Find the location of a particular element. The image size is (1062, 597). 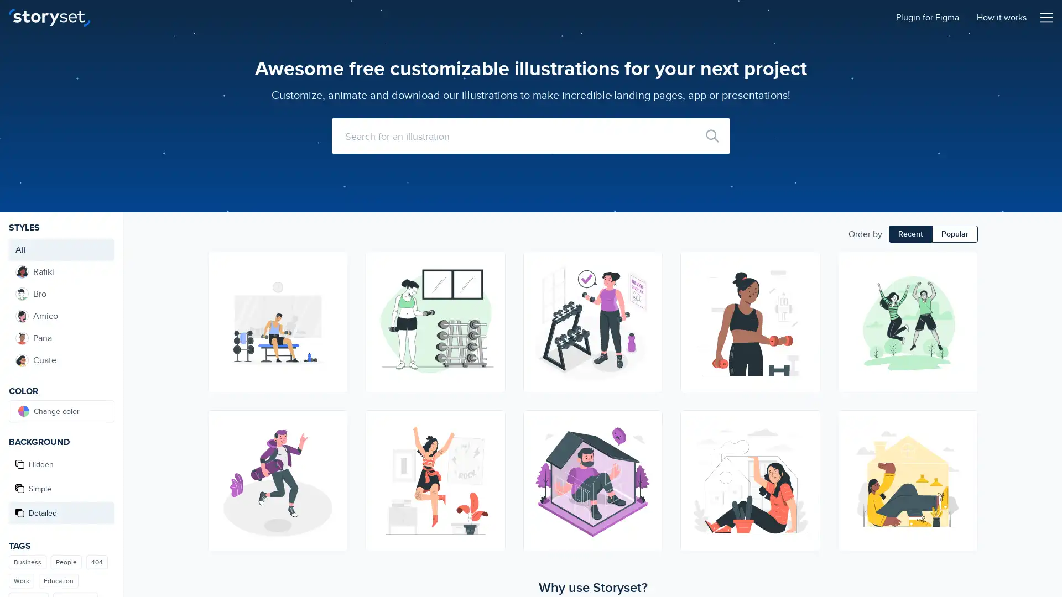

download icon Download is located at coordinates (963, 285).